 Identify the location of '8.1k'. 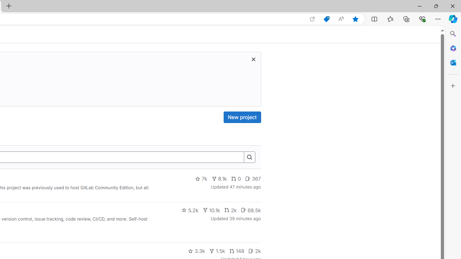
(219, 178).